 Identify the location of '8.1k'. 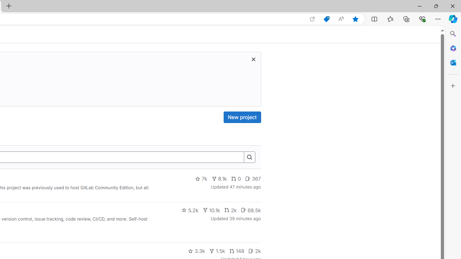
(219, 178).